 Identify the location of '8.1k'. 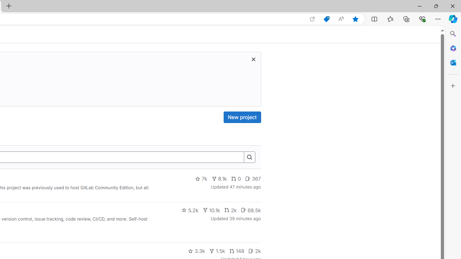
(219, 178).